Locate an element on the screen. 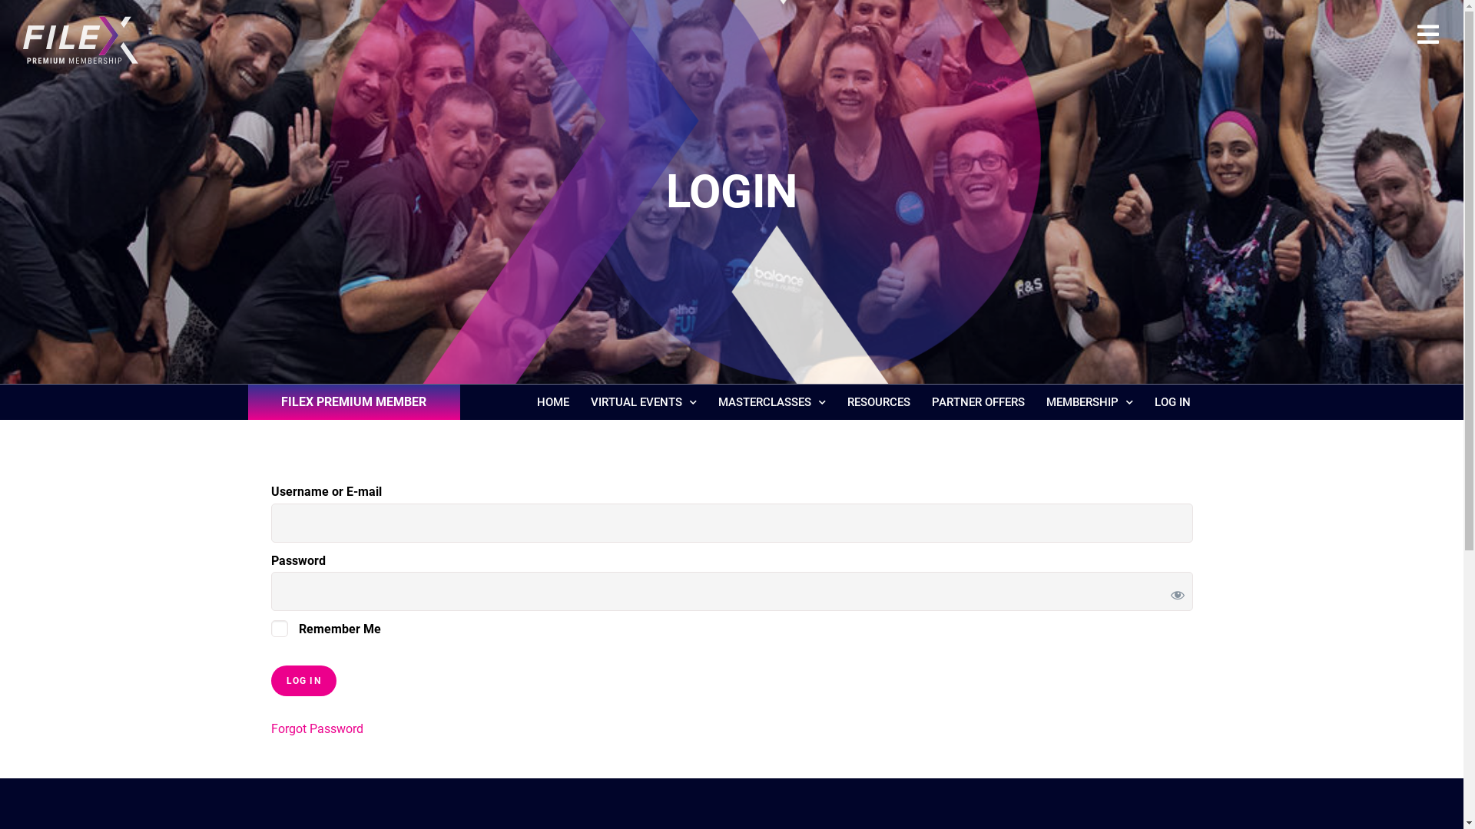  'MASTERCLASSES' is located at coordinates (708, 401).